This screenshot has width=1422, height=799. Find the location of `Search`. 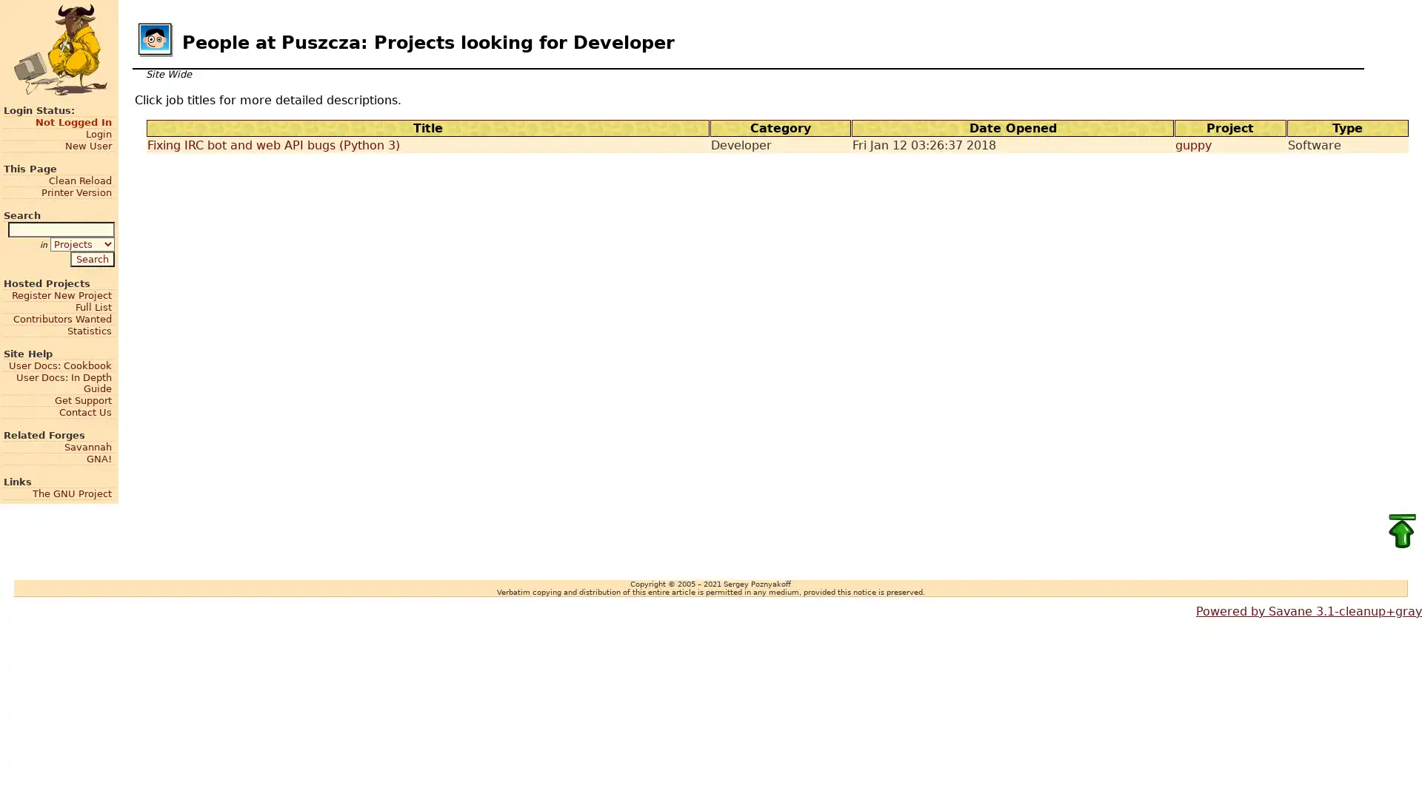

Search is located at coordinates (91, 257).